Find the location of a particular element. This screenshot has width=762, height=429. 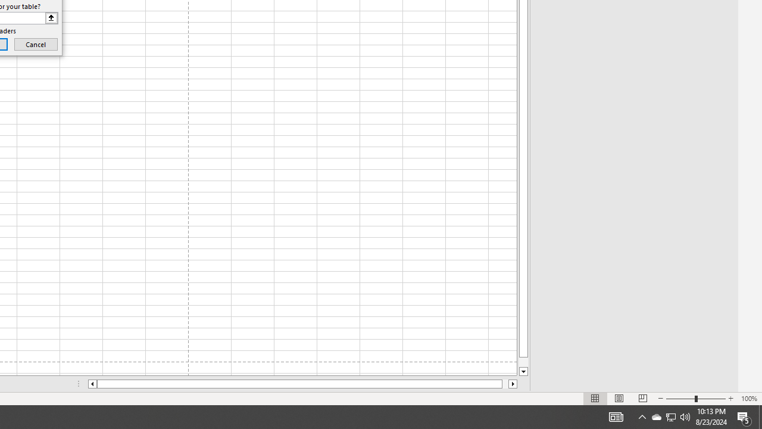

'Class: NetUIScrollBar' is located at coordinates (302, 384).